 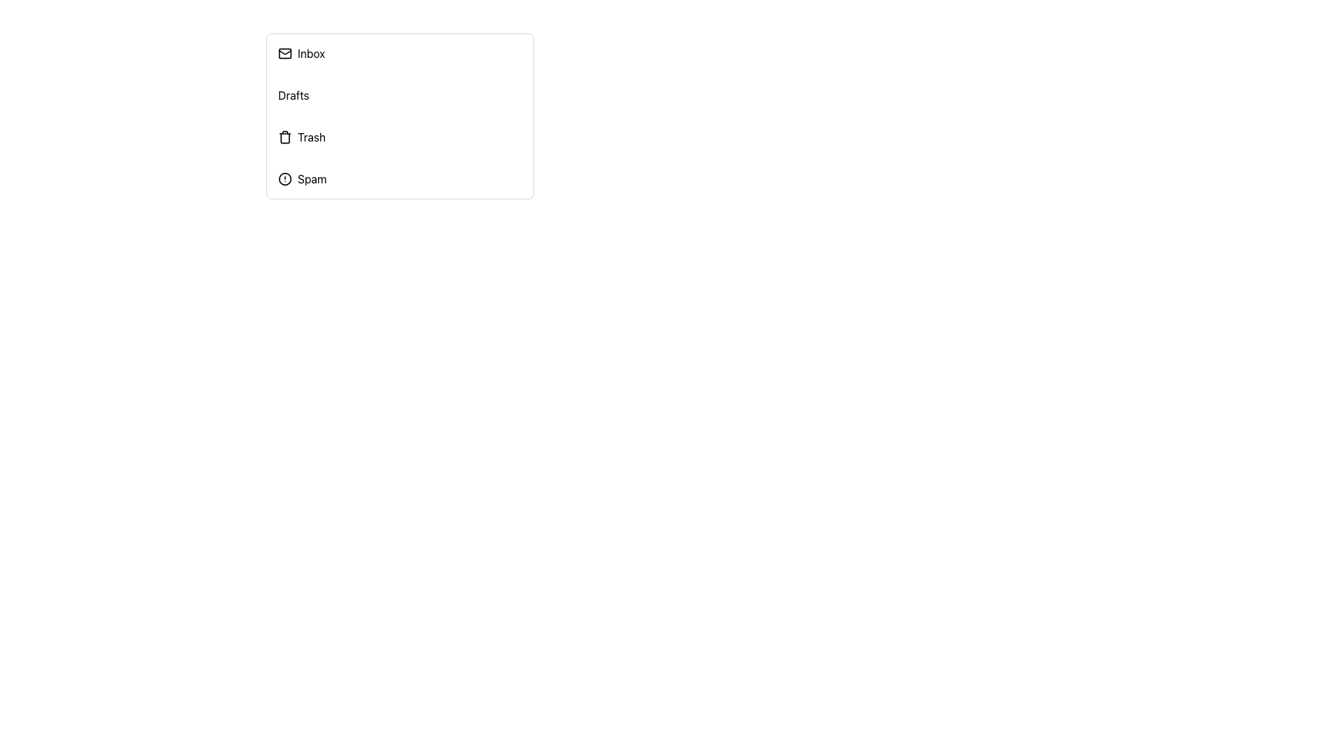 What do you see at coordinates (400, 53) in the screenshot?
I see `the 'Inbox' button at the top of the menu list` at bounding box center [400, 53].